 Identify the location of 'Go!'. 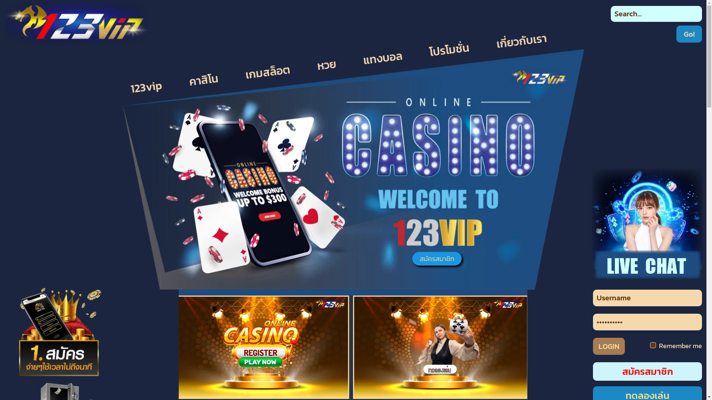
(689, 34).